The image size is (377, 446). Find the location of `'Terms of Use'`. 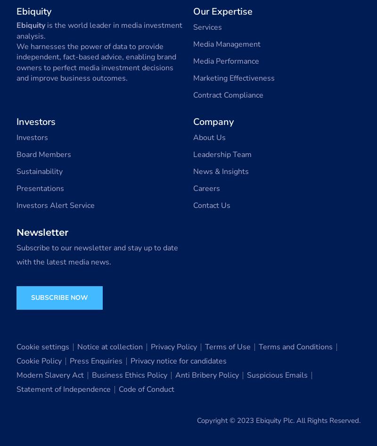

'Terms of Use' is located at coordinates (228, 346).